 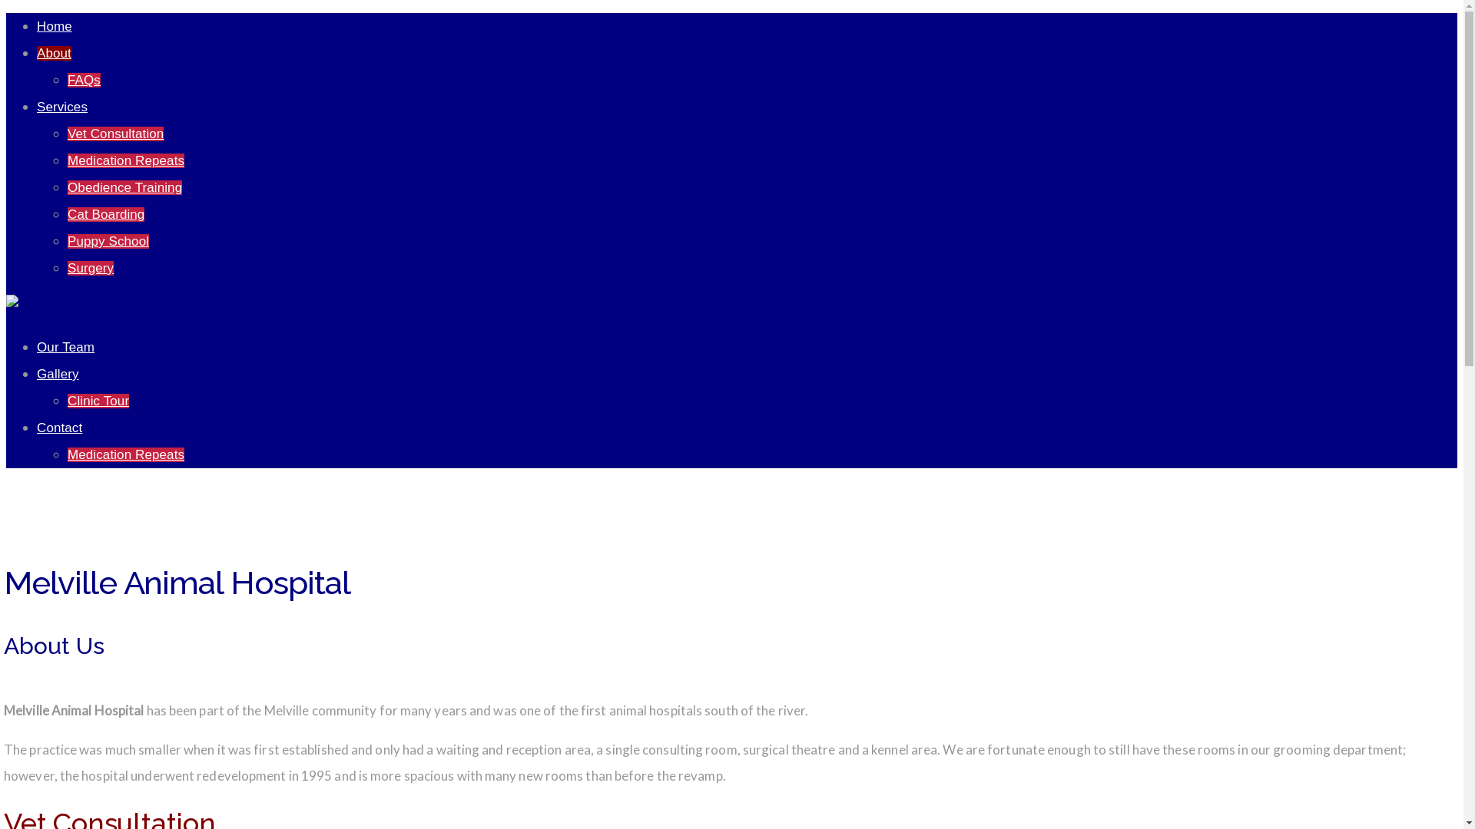 I want to click on 'Medication Repeats', so click(x=66, y=454).